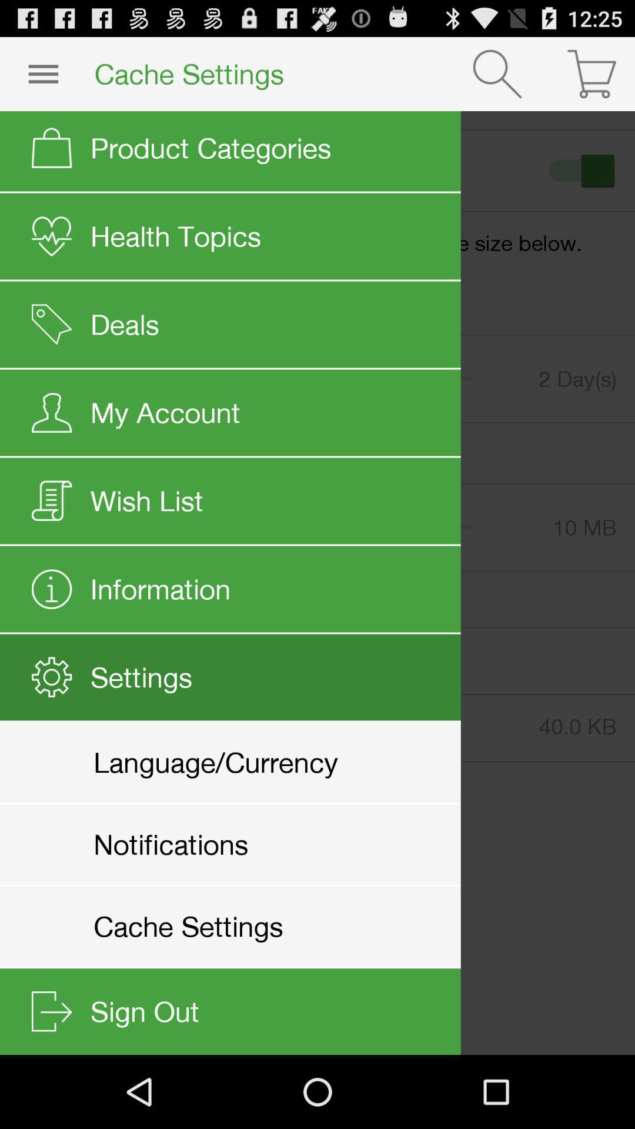 This screenshot has height=1129, width=635. What do you see at coordinates (497, 78) in the screenshot?
I see `the search icon` at bounding box center [497, 78].